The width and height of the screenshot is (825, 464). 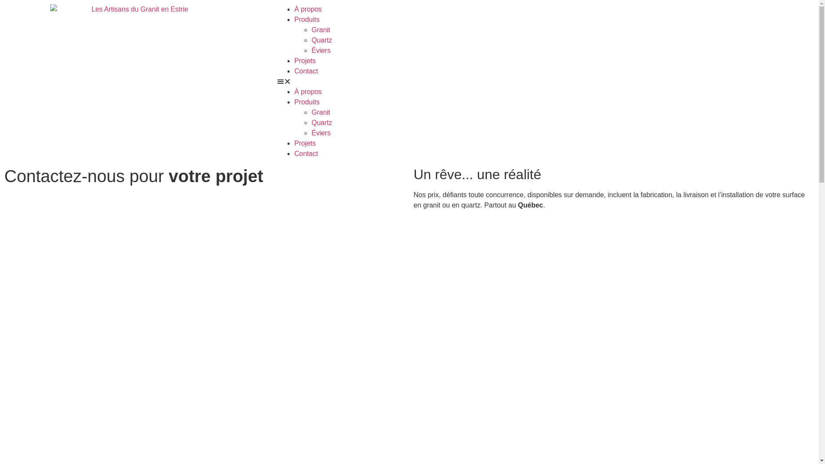 What do you see at coordinates (294, 60) in the screenshot?
I see `'Projets'` at bounding box center [294, 60].